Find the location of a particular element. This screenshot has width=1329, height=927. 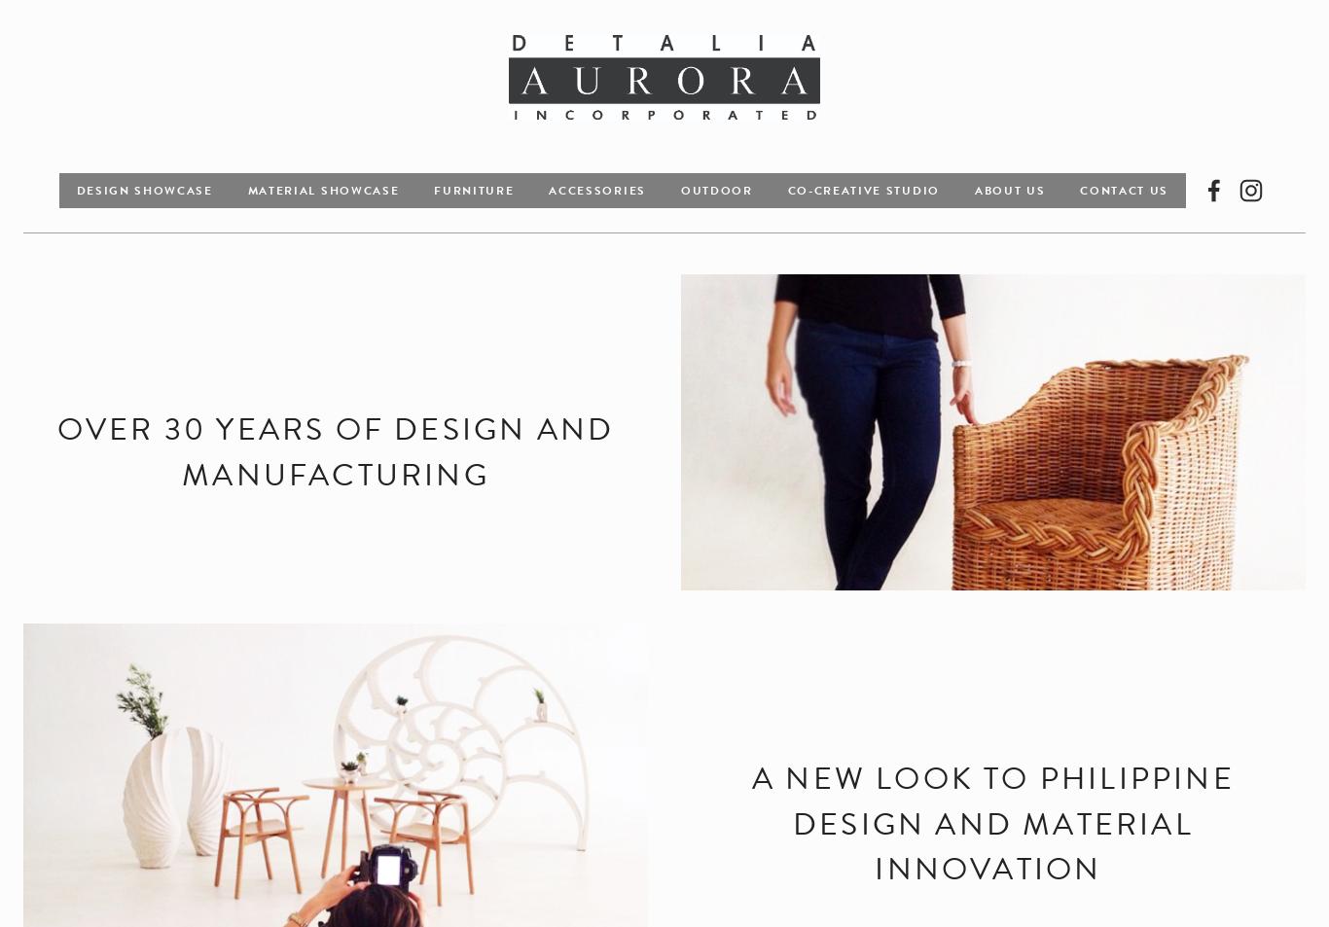

'Co-creative Studio' is located at coordinates (785, 188).